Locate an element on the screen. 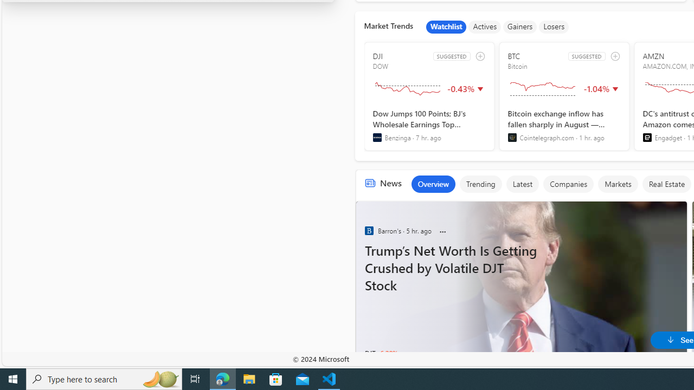  'Trending' is located at coordinates (480, 183).